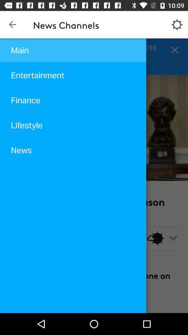 The width and height of the screenshot is (188, 335). Describe the element at coordinates (174, 50) in the screenshot. I see `the close icon` at that location.